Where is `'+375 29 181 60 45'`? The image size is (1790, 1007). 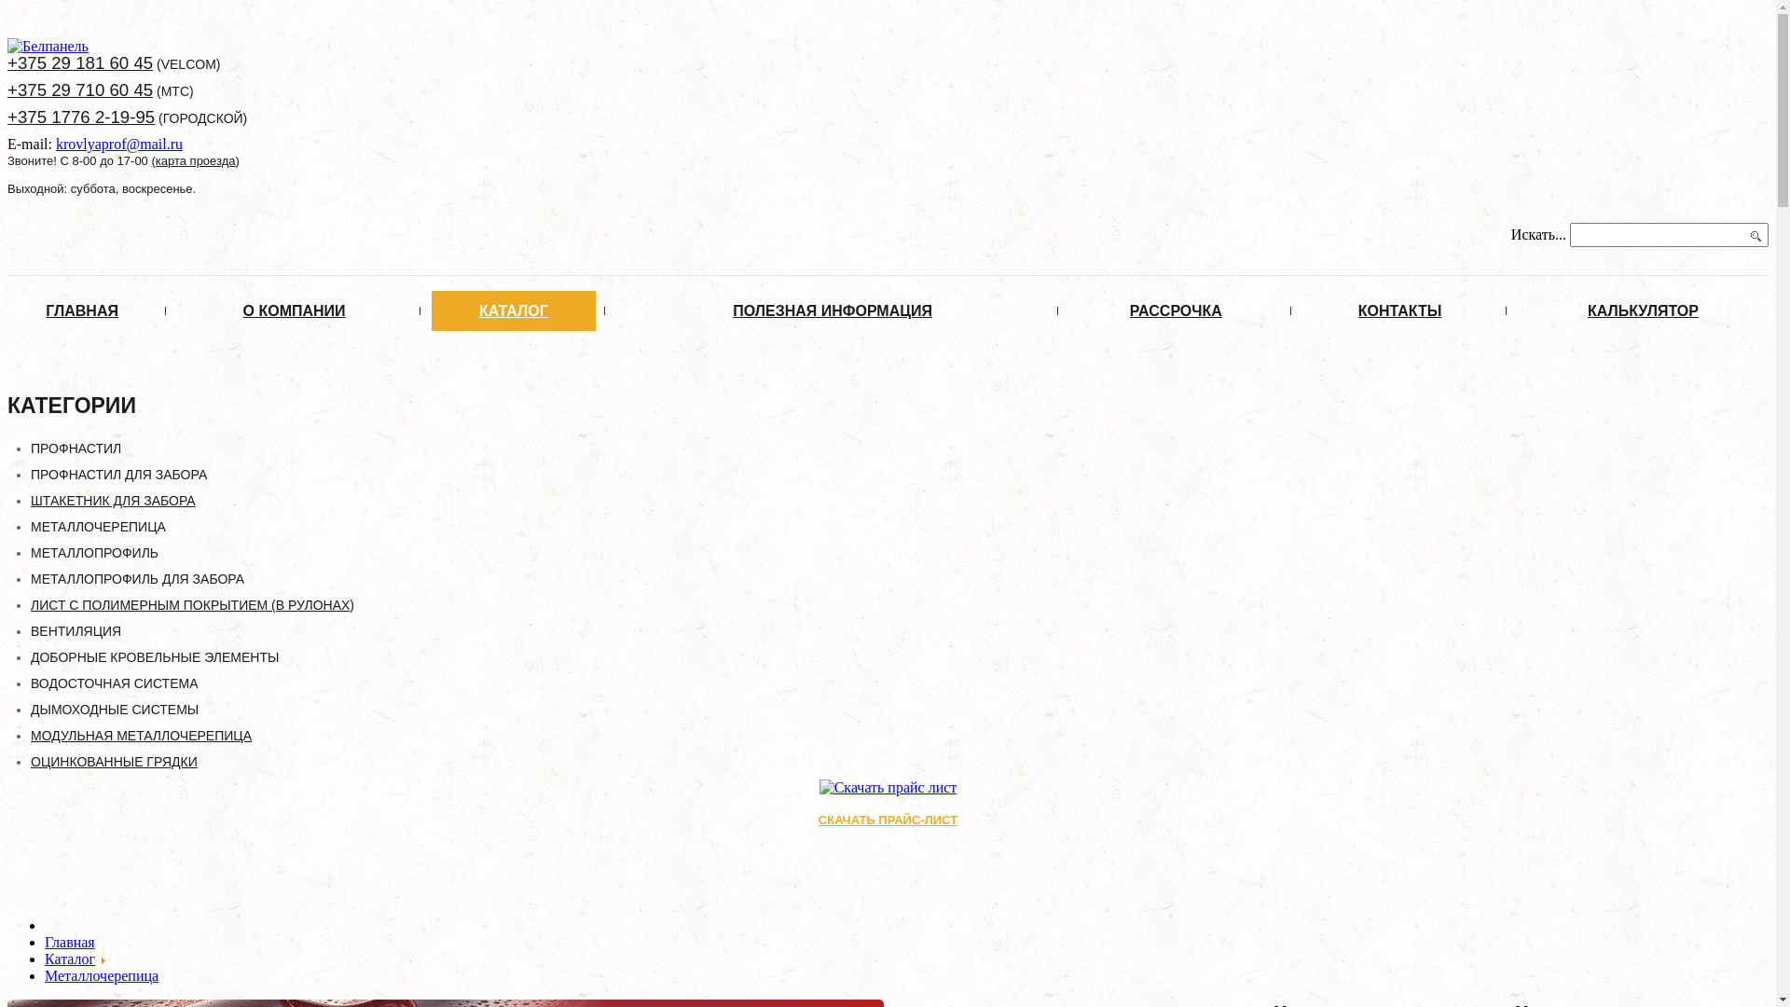 '+375 29 181 60 45' is located at coordinates (7, 62).